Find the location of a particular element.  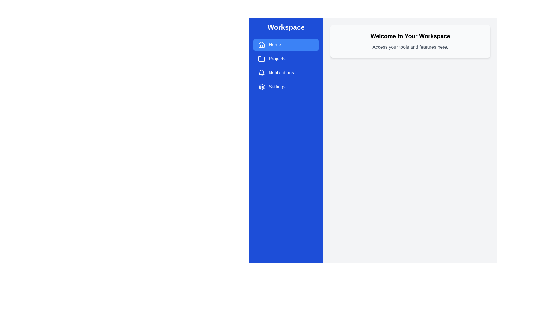

text header that prominently displays 'Welcome to Your Workspace' in bold, large font, located in the upper-right section of the interface is located at coordinates (410, 36).